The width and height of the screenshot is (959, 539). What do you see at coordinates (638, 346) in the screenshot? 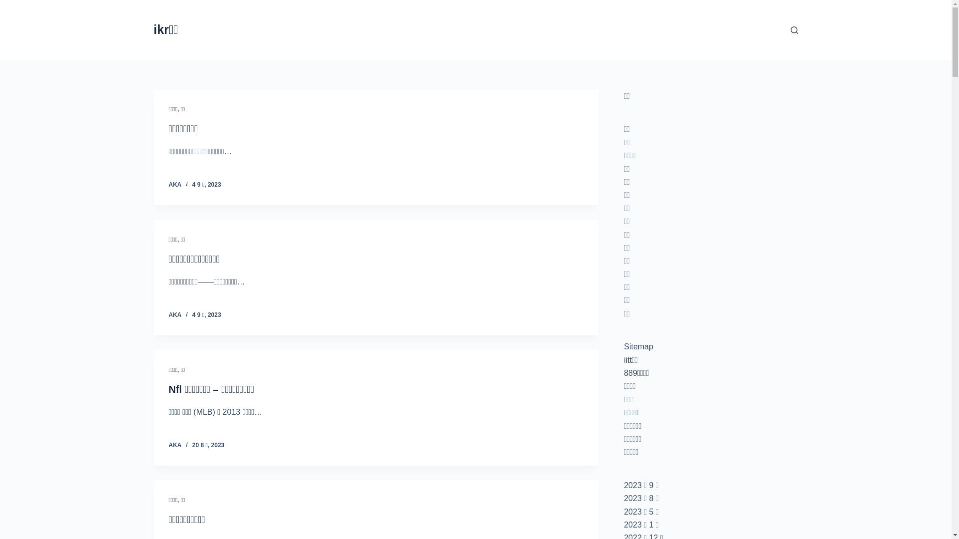
I see `'Sitemap'` at bounding box center [638, 346].